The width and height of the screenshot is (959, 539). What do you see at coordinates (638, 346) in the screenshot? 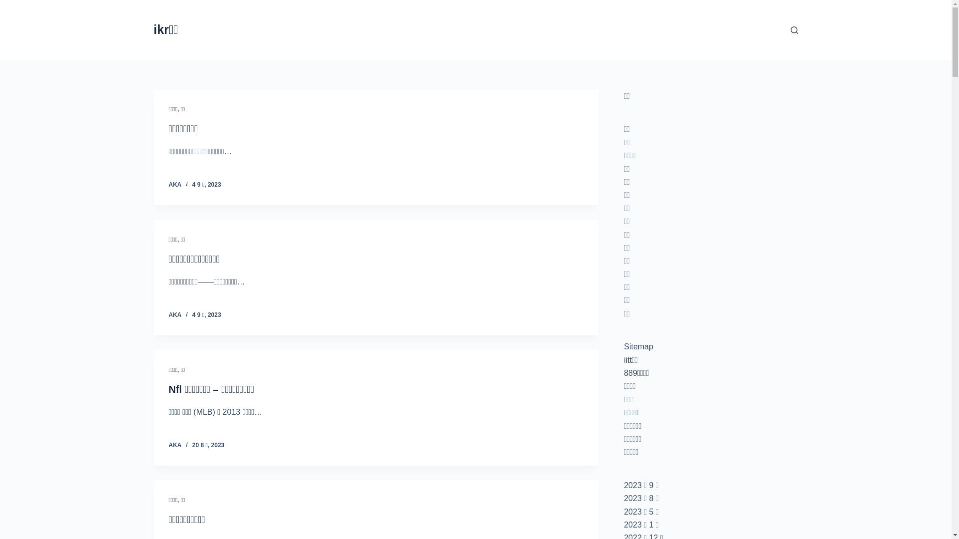
I see `'Sitemap'` at bounding box center [638, 346].